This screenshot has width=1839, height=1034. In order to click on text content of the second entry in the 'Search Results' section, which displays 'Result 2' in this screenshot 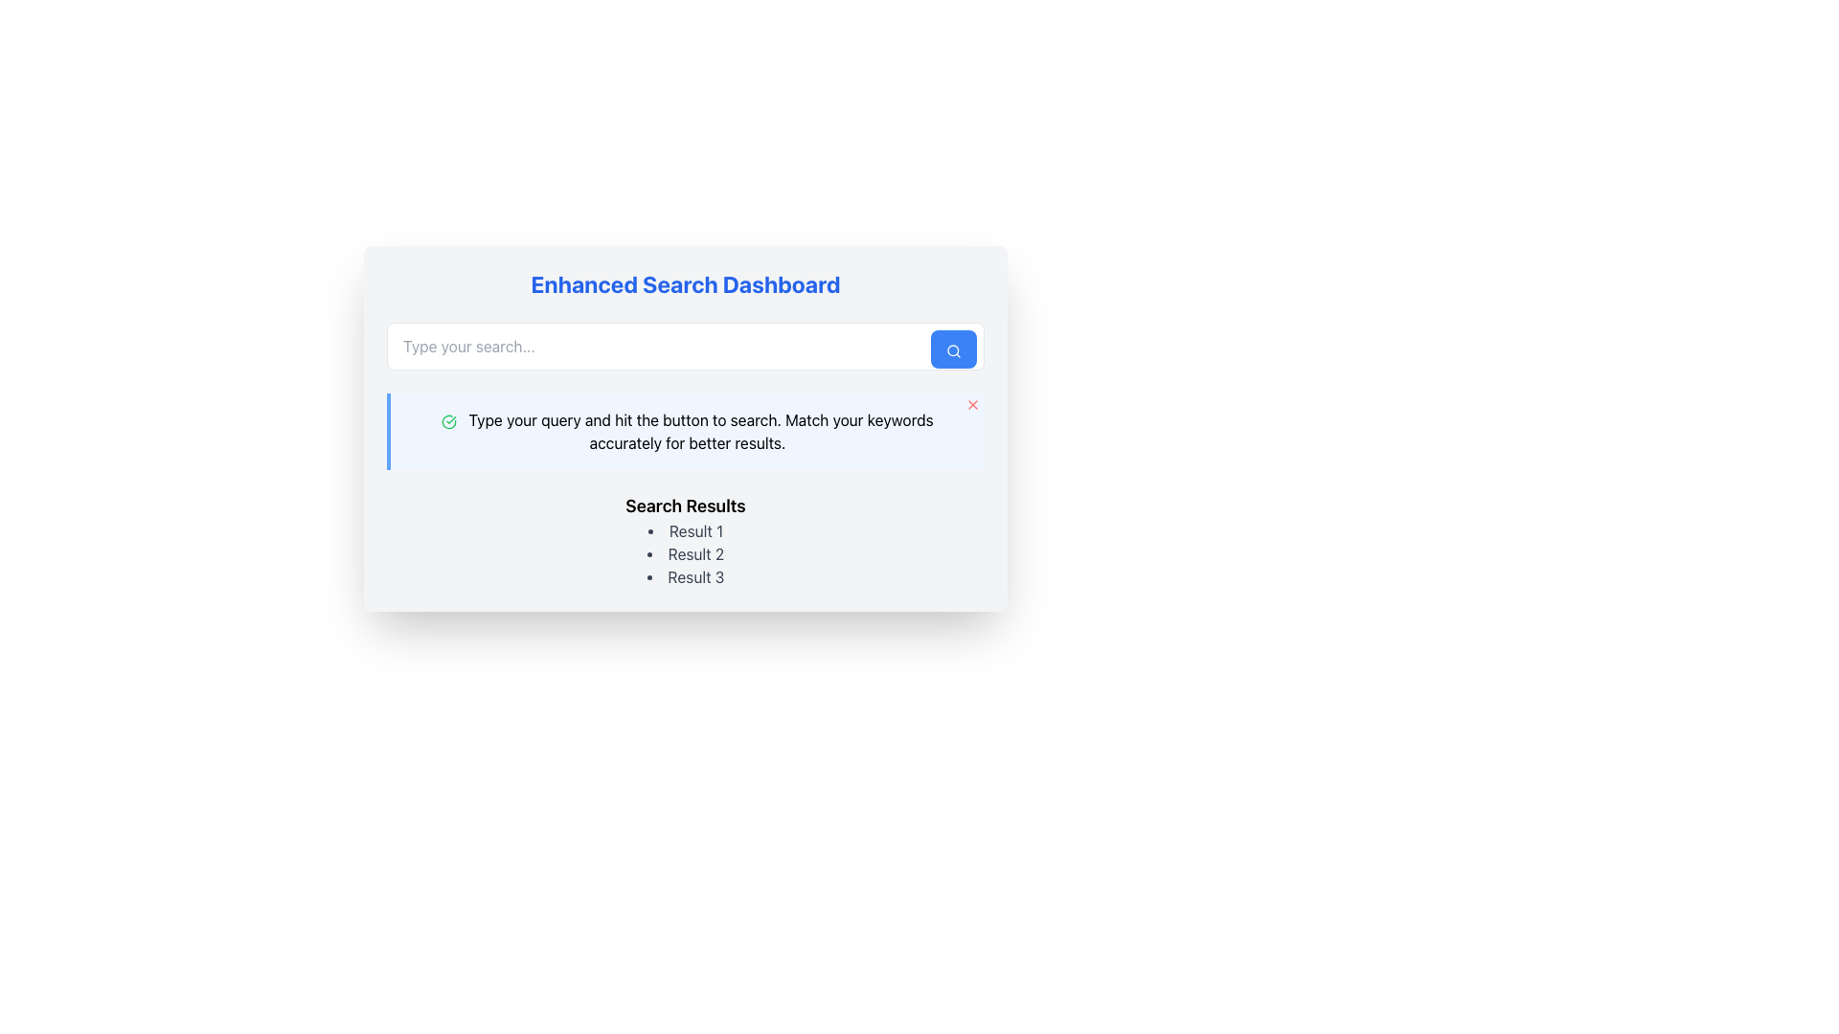, I will do `click(685, 553)`.